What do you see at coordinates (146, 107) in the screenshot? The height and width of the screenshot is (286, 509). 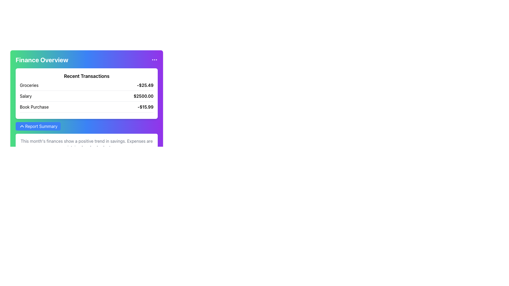 I see `the text label displaying '-$15.99' which is located to the right of the 'Book Purchase' item in the 'Recent Transactions' section of the 'Finance Overview' card` at bounding box center [146, 107].